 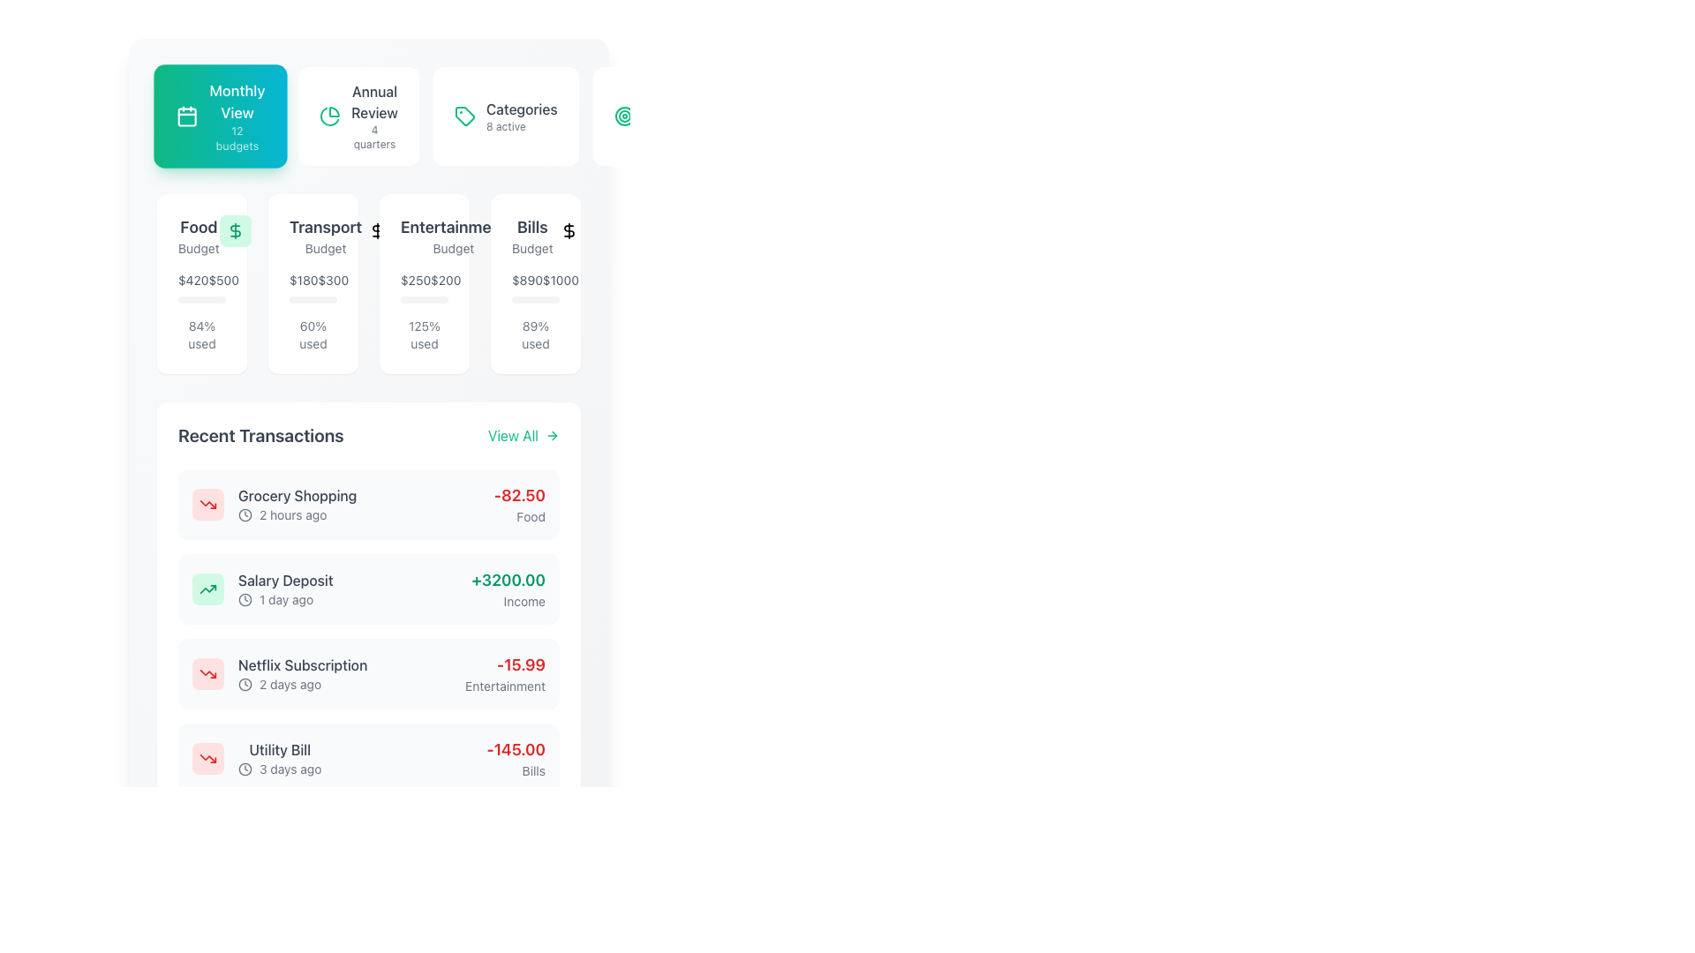 What do you see at coordinates (198, 298) in the screenshot?
I see `the filled portion of the progress bar segment representing the 'Food' budget utilization, which indicates 84% usage` at bounding box center [198, 298].